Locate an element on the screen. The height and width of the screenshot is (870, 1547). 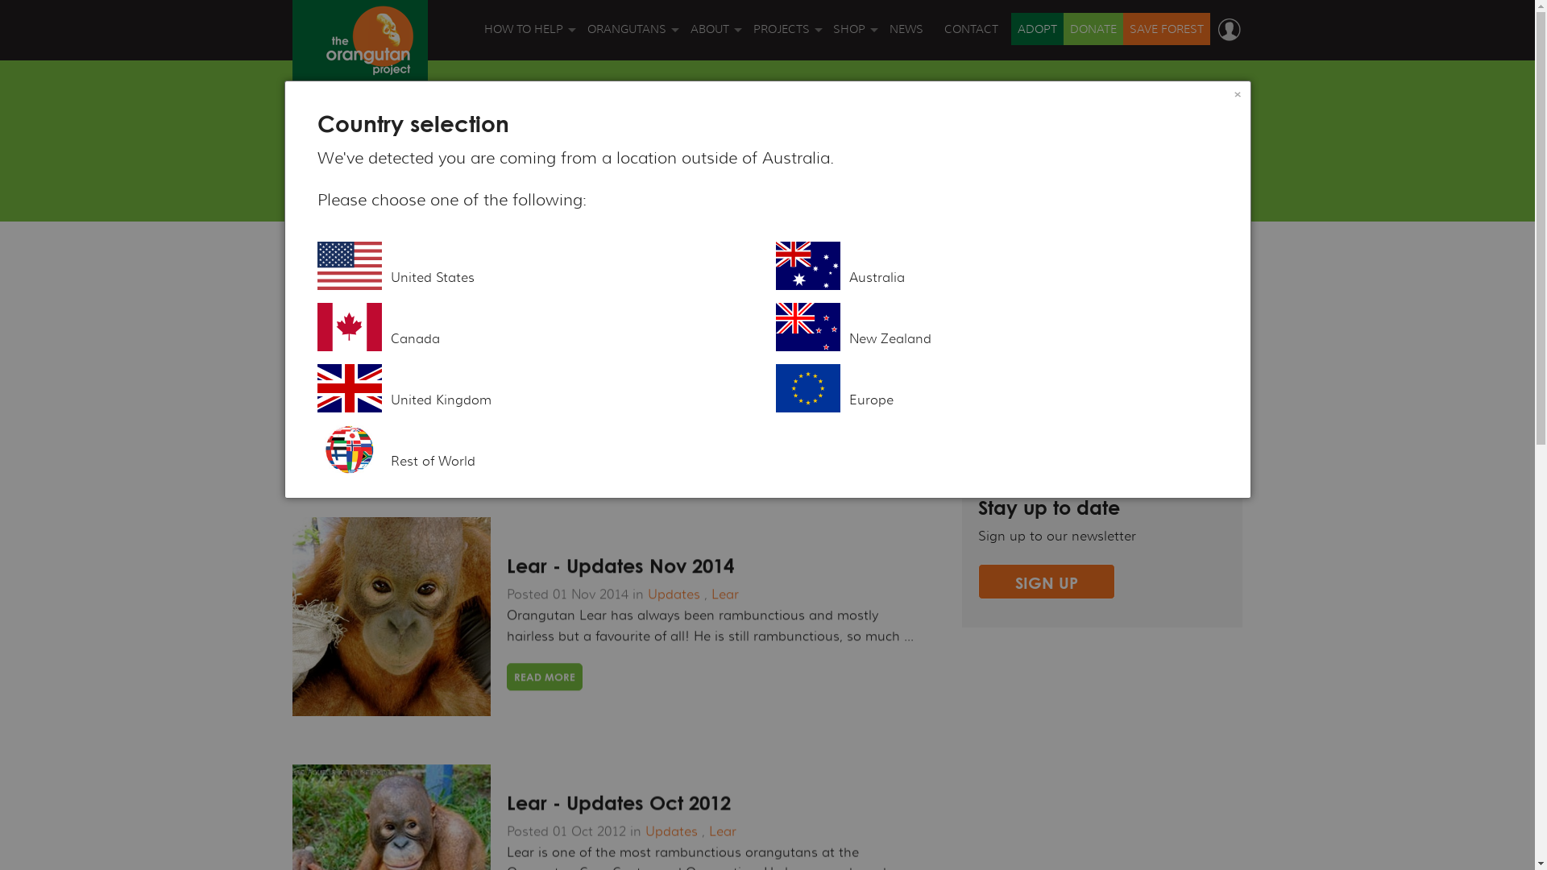
'ORANGUTANS' is located at coordinates (630, 28).